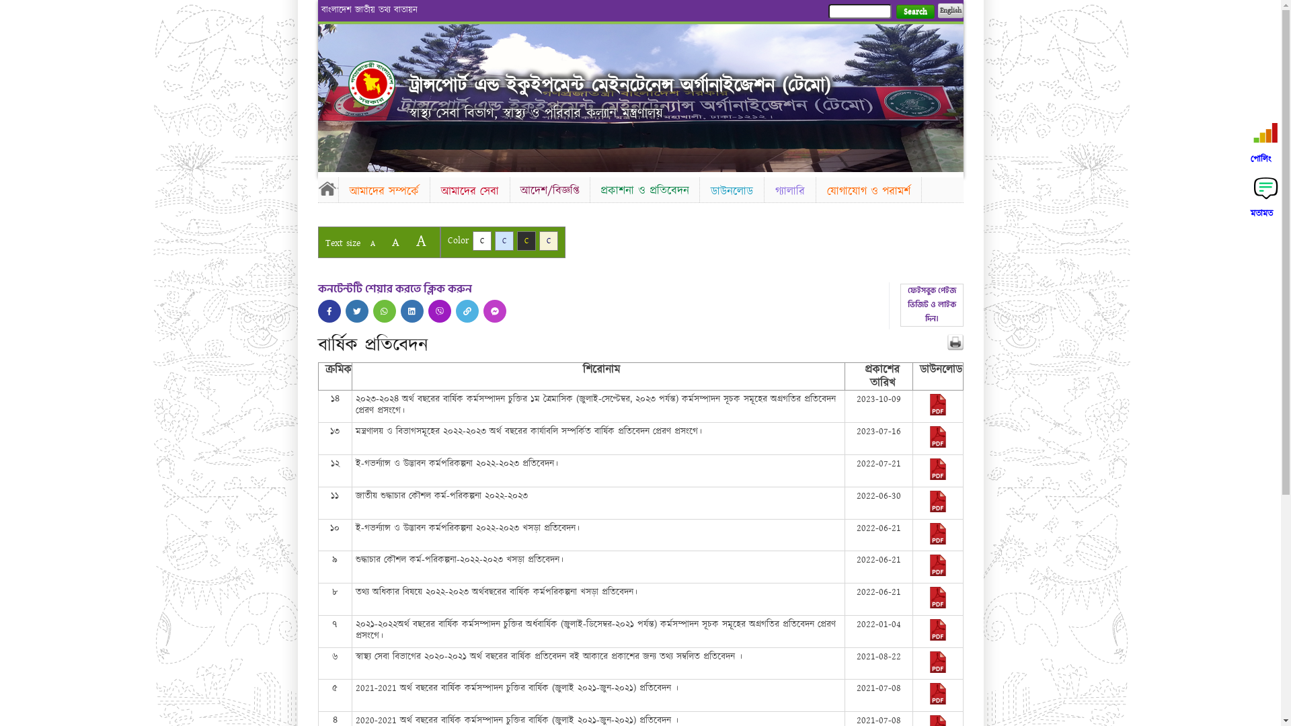 The height and width of the screenshot is (726, 1291). What do you see at coordinates (549, 240) in the screenshot?
I see `'C'` at bounding box center [549, 240].